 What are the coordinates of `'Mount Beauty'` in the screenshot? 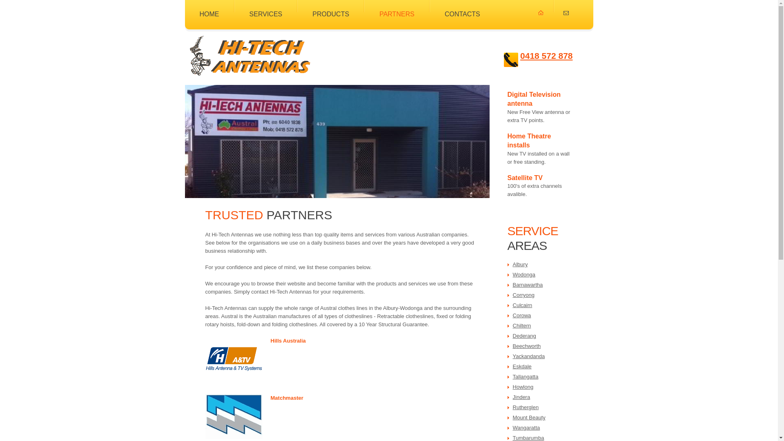 It's located at (512, 417).